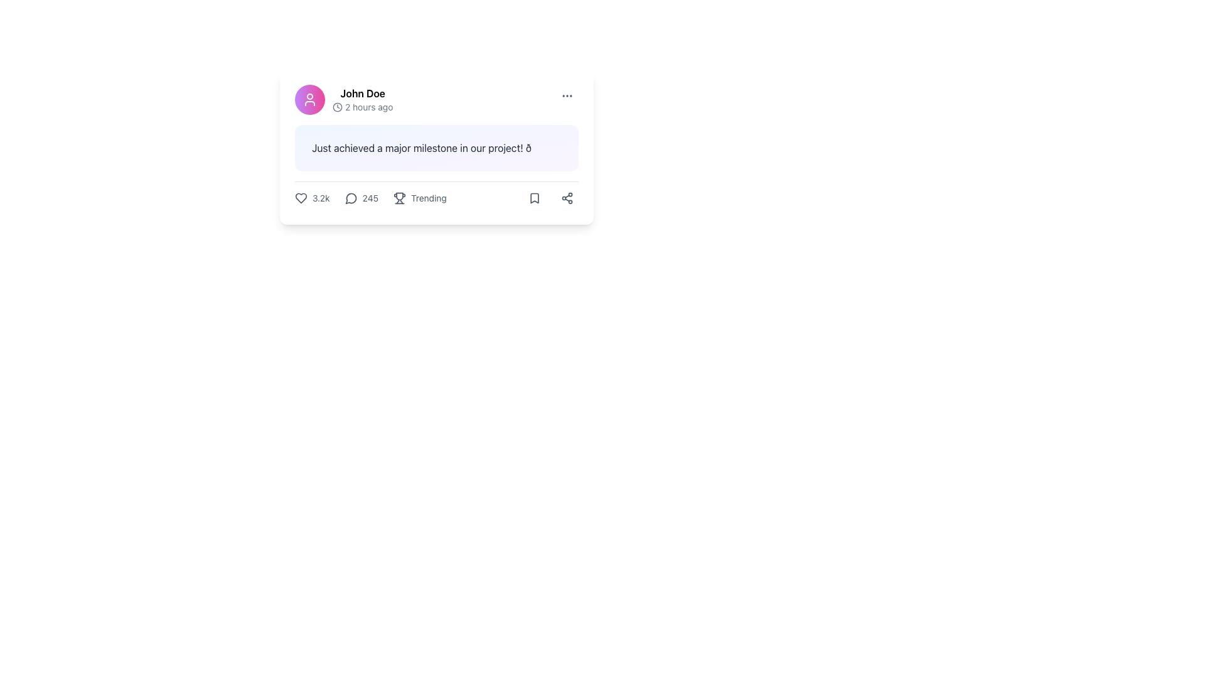 This screenshot has height=678, width=1205. What do you see at coordinates (566, 198) in the screenshot?
I see `the interactive share icon button located at the bottom-right corner of the card to initiate sharing functionality` at bounding box center [566, 198].